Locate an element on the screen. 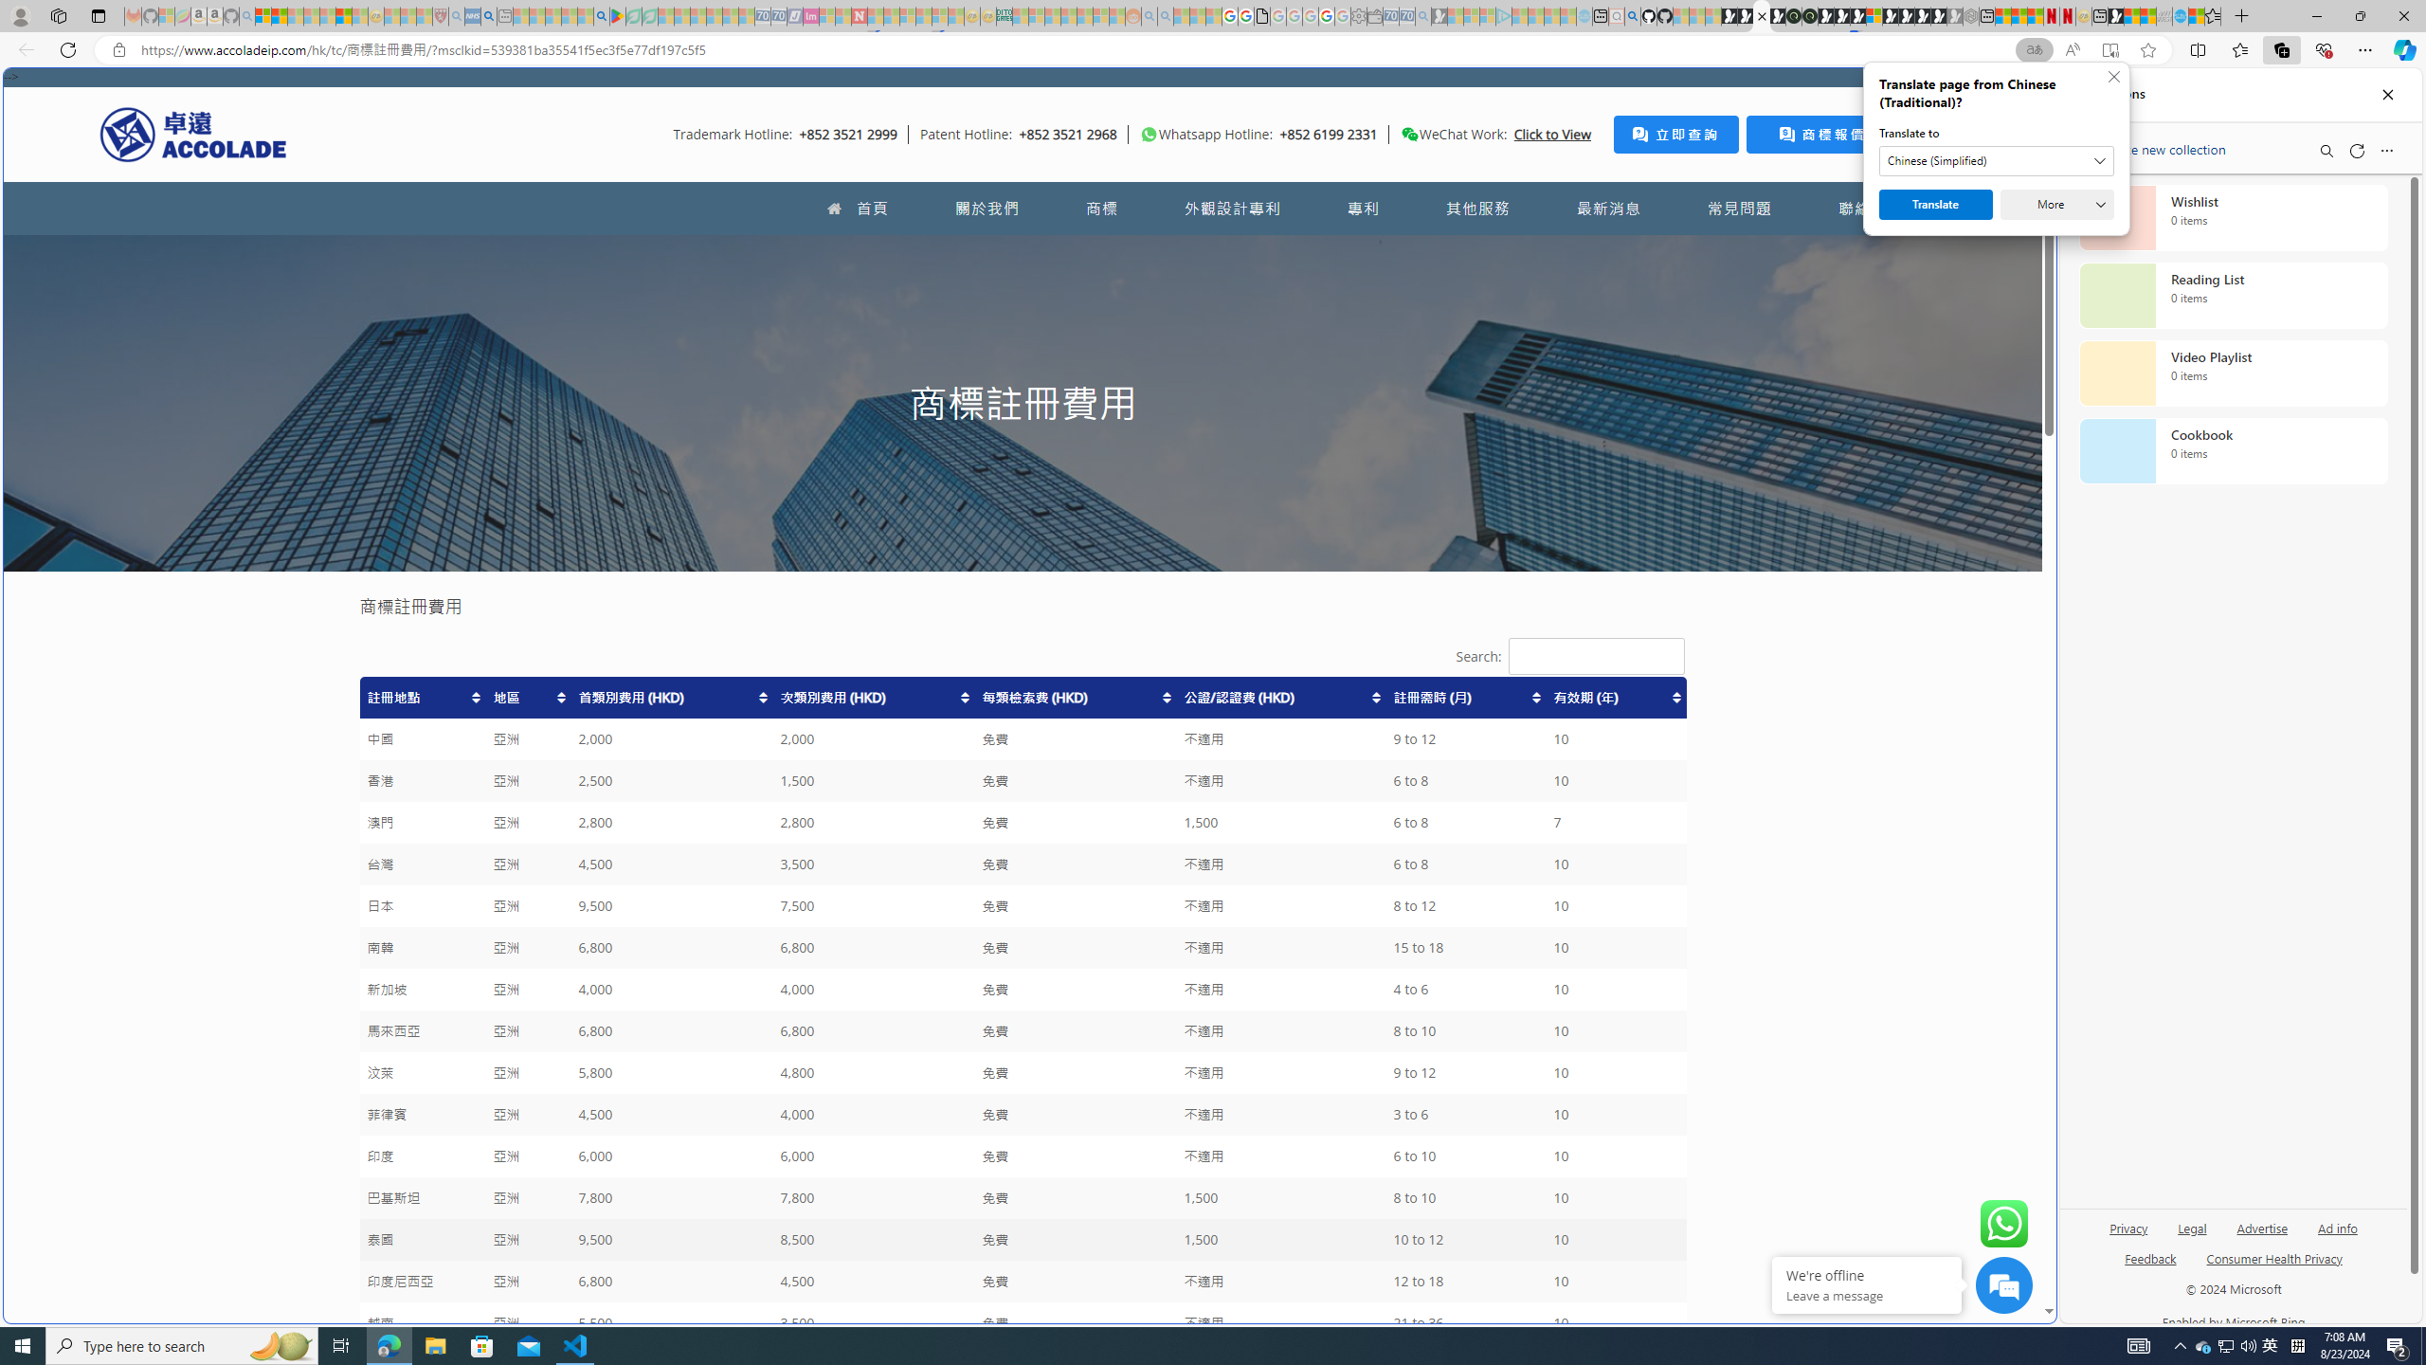 Image resolution: width=2426 pixels, height=1365 pixels. 'Services - Maintenance | Sky Blue Bikes - Sky Blue Bikes' is located at coordinates (2179, 15).